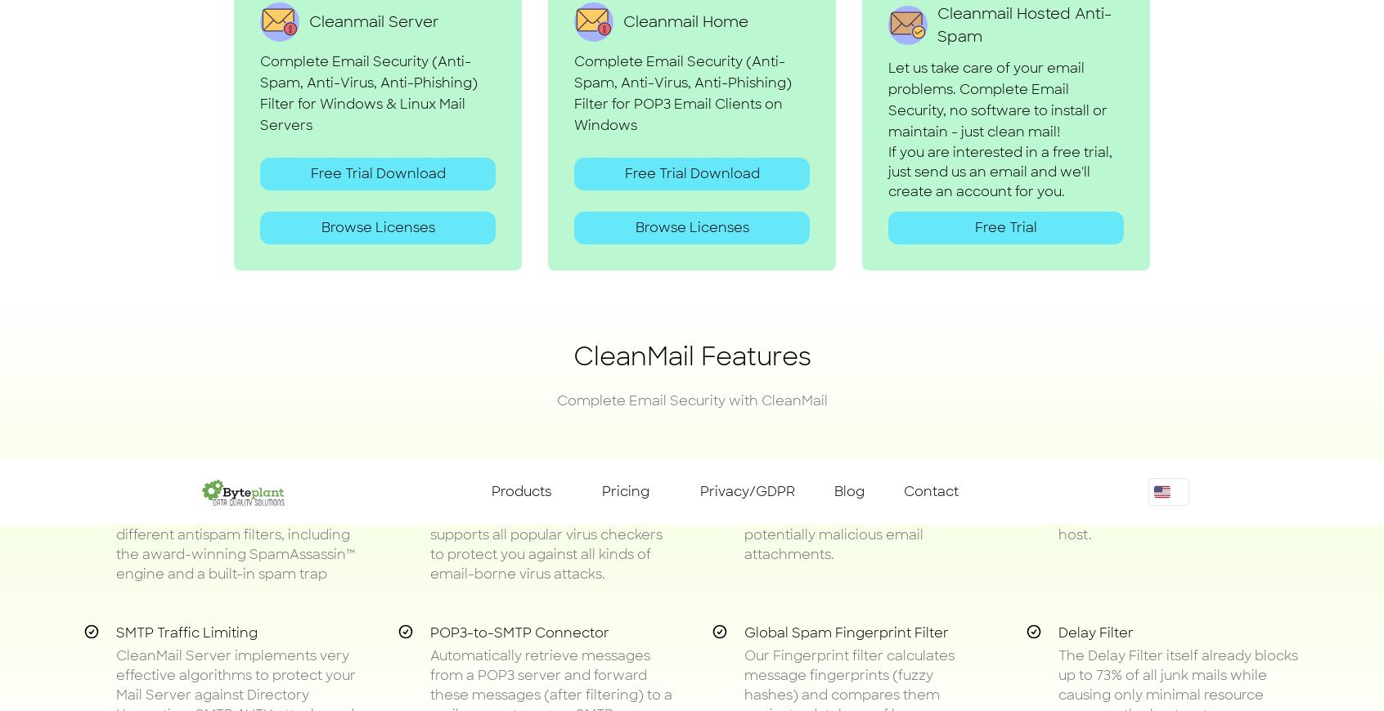 The width and height of the screenshot is (1384, 711). I want to click on 'Sep 8, 2020', so click(872, 322).